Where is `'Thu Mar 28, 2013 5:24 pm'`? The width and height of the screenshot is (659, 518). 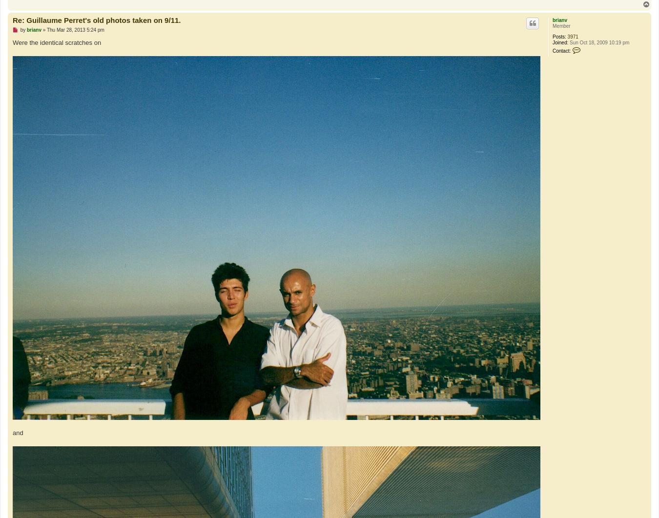
'Thu Mar 28, 2013 5:24 pm' is located at coordinates (46, 30).